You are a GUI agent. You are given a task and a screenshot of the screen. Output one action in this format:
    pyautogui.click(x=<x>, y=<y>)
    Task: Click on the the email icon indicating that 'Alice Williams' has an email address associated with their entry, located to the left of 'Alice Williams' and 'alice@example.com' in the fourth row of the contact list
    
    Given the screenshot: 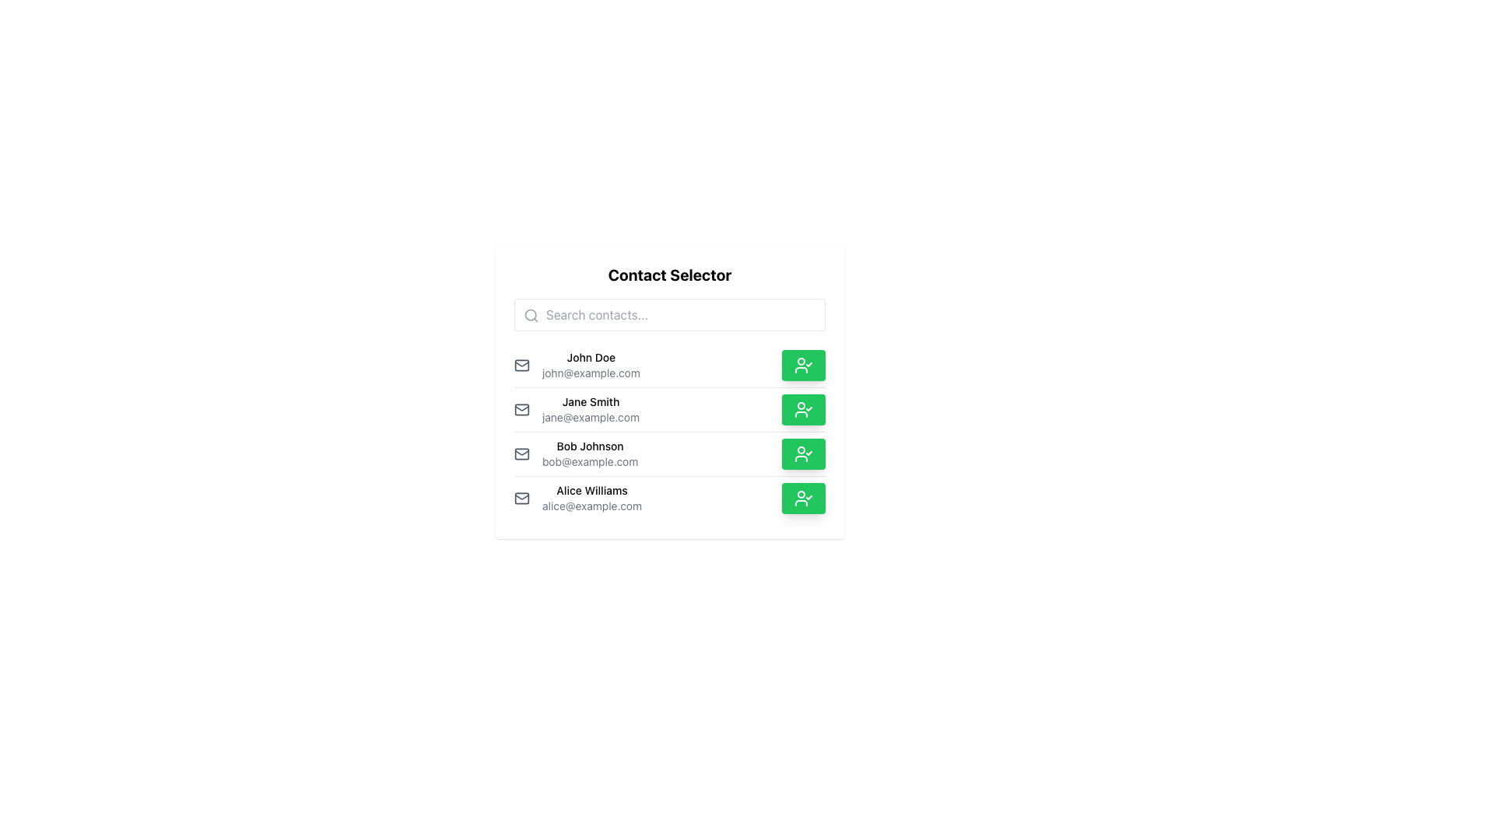 What is the action you would take?
    pyautogui.click(x=522, y=498)
    